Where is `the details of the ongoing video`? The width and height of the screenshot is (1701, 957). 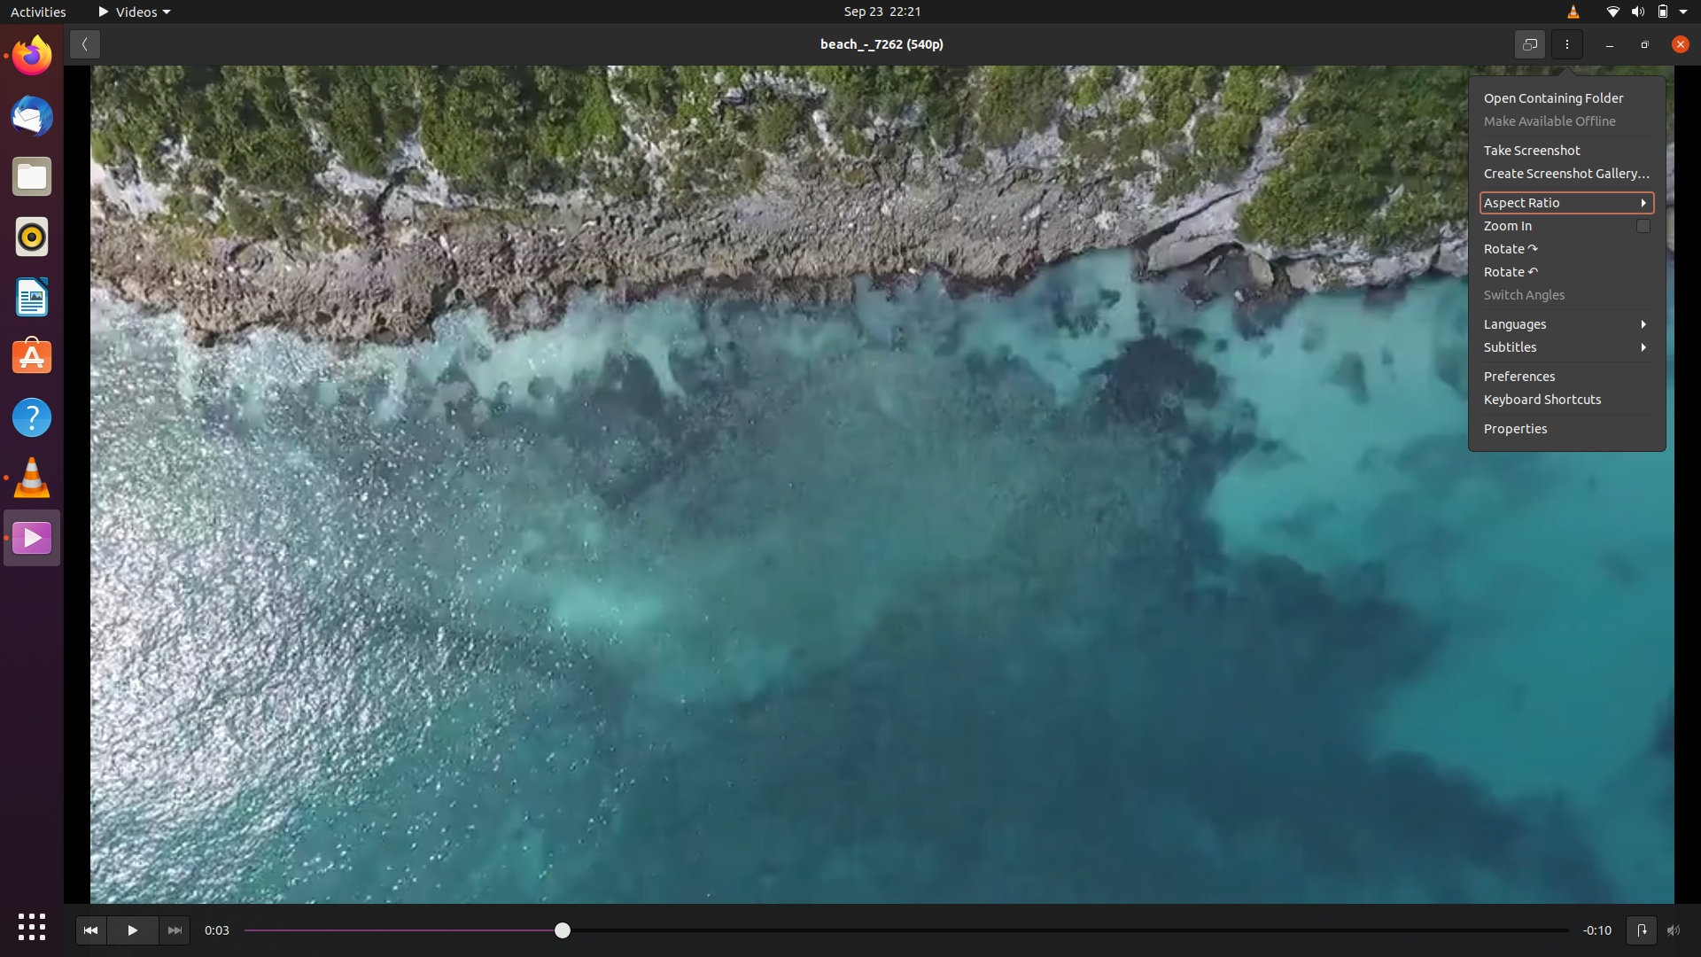
the details of the ongoing video is located at coordinates (1569, 430).